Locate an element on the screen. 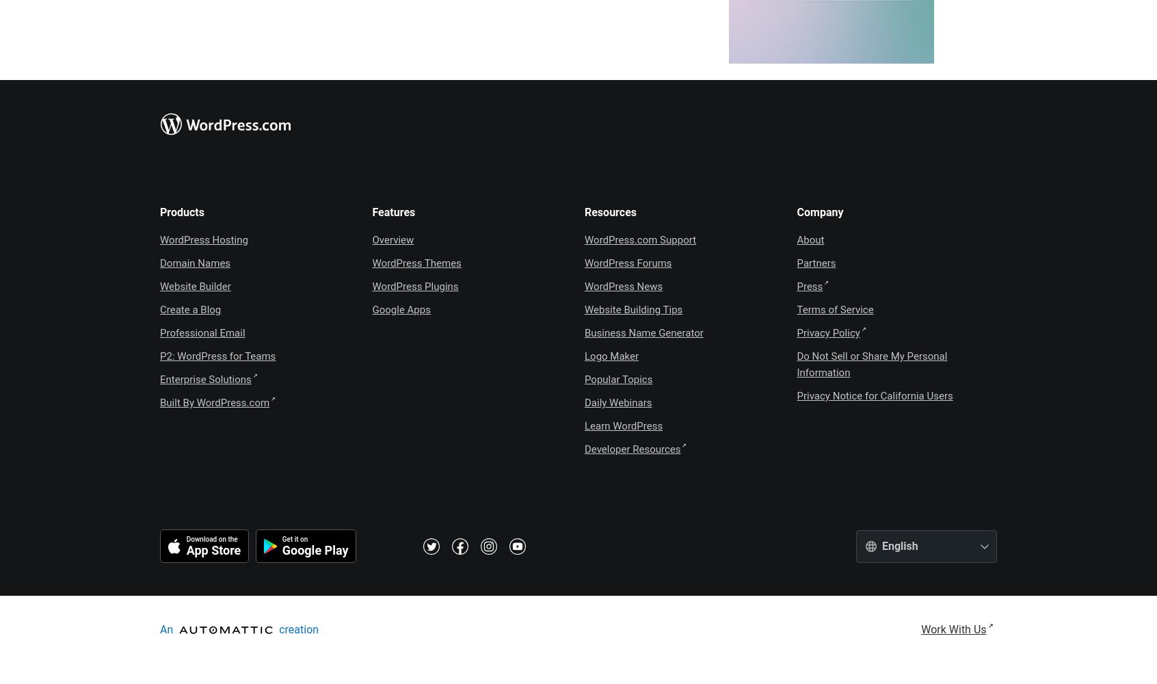 The image size is (1157, 684). 'Logo Maker' is located at coordinates (611, 356).